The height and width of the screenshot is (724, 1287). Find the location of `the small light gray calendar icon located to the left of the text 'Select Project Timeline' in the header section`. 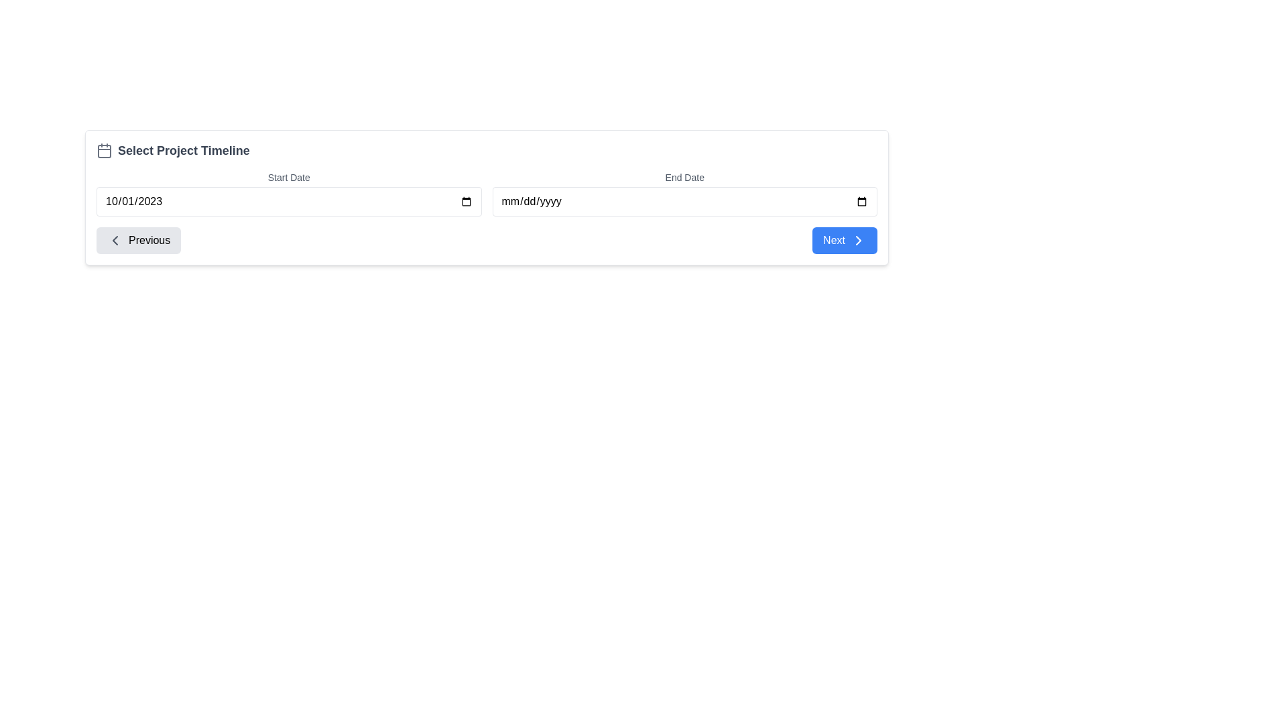

the small light gray calendar icon located to the left of the text 'Select Project Timeline' in the header section is located at coordinates (104, 150).